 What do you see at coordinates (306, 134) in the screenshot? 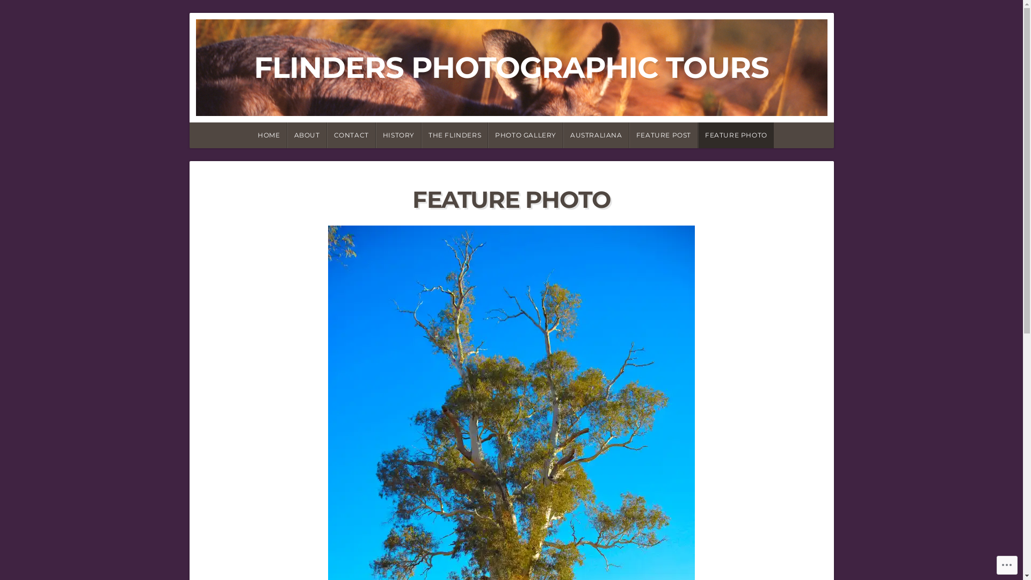
I see `'ABOUT'` at bounding box center [306, 134].